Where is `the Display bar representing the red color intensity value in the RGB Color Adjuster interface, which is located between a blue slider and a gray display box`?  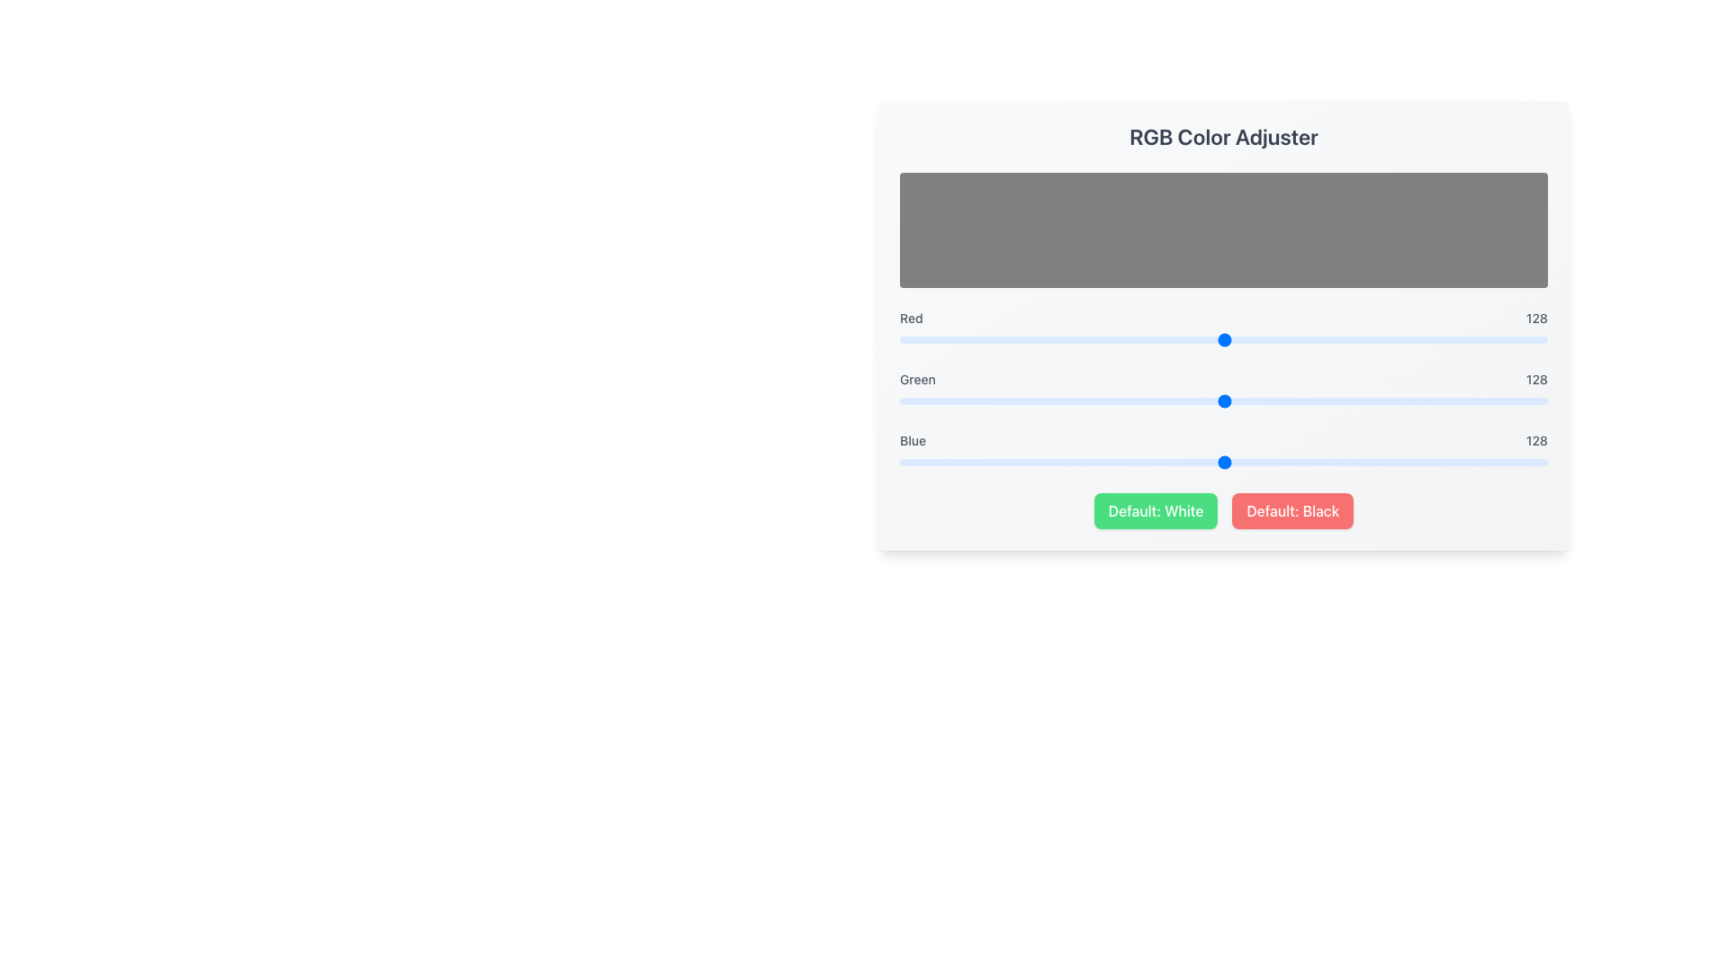 the Display bar representing the red color intensity value in the RGB Color Adjuster interface, which is located between a blue slider and a gray display box is located at coordinates (1223, 318).